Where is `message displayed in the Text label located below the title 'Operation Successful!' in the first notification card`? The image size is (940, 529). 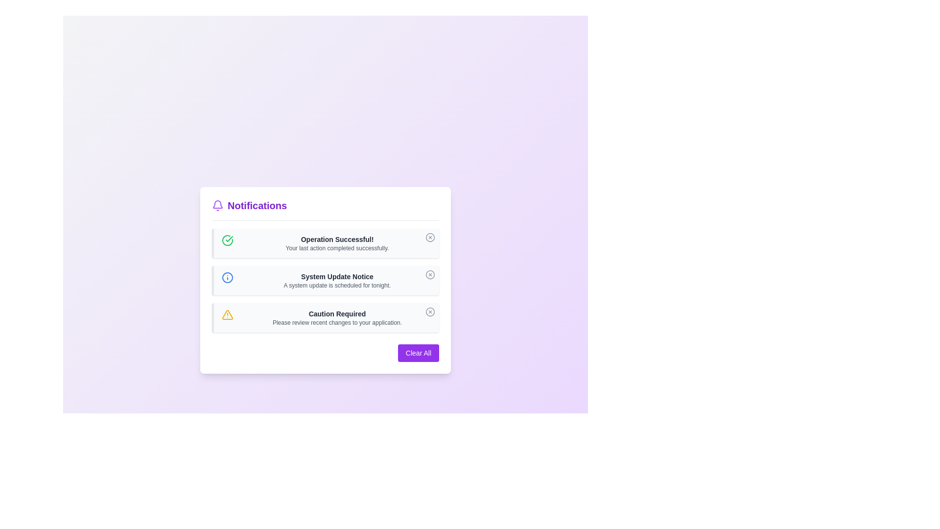
message displayed in the Text label located below the title 'Operation Successful!' in the first notification card is located at coordinates (337, 247).